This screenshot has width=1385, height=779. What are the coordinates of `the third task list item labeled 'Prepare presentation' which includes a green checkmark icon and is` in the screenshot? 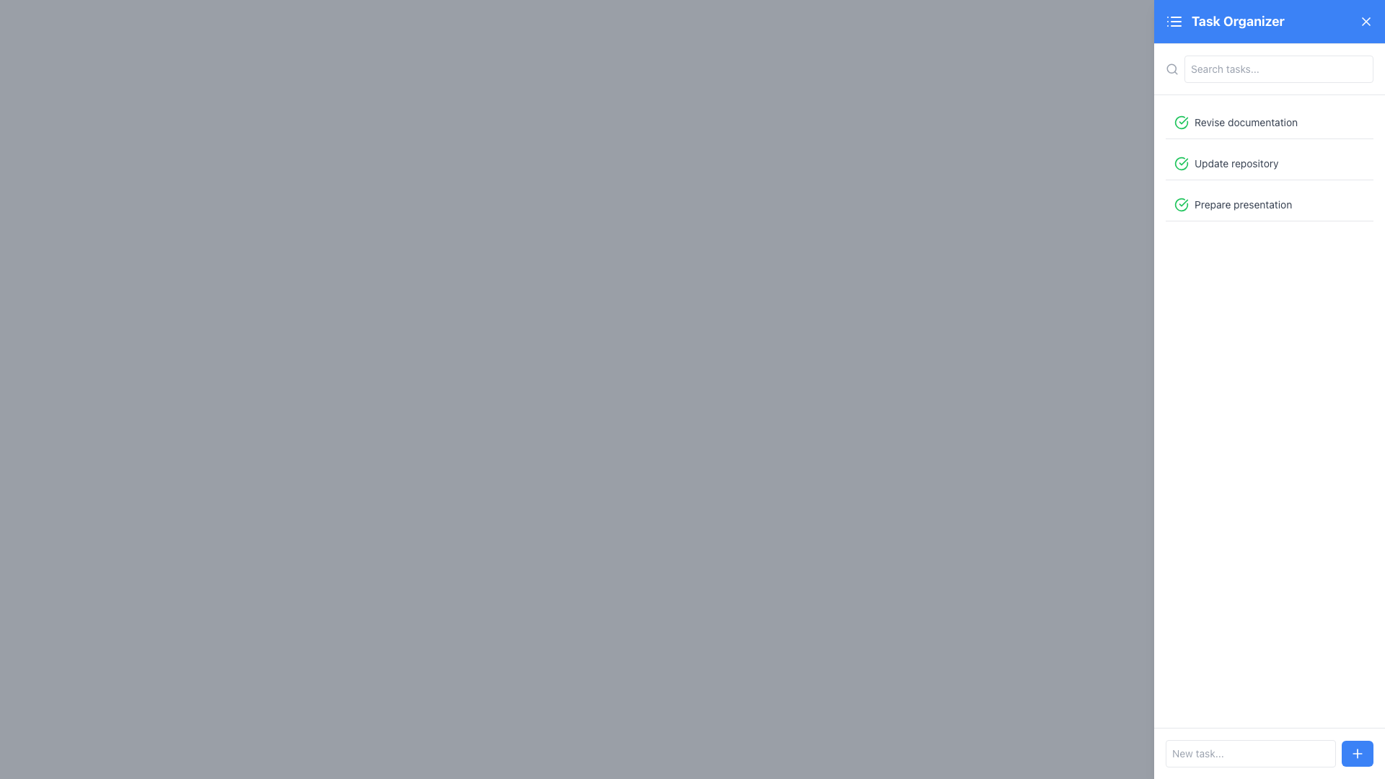 It's located at (1270, 205).